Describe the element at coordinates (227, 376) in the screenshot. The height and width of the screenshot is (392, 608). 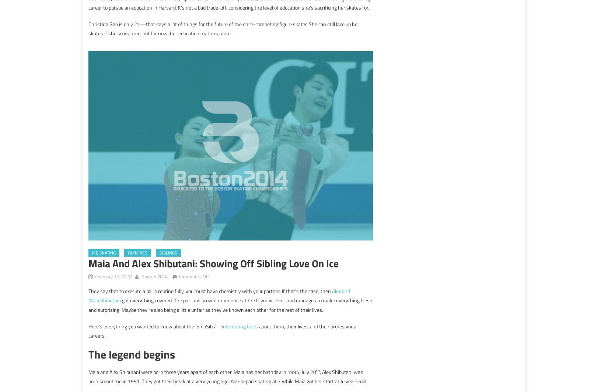
I see `'; Alex Shibutani was born sometime in 1991. They got their break at a very young age; Alex began skating at 7 while Maia got her start at 4-years-old.'` at that location.